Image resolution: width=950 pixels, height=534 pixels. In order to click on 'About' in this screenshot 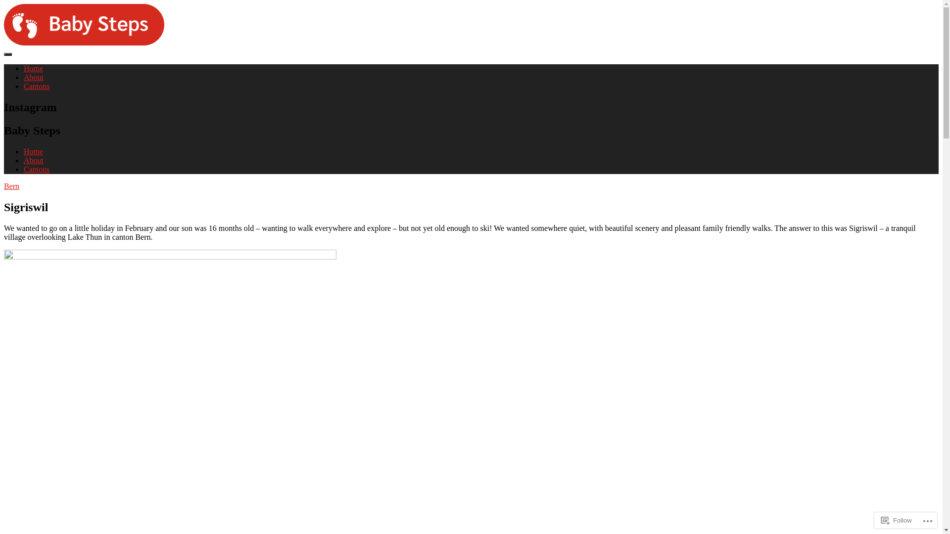, I will do `click(33, 160)`.